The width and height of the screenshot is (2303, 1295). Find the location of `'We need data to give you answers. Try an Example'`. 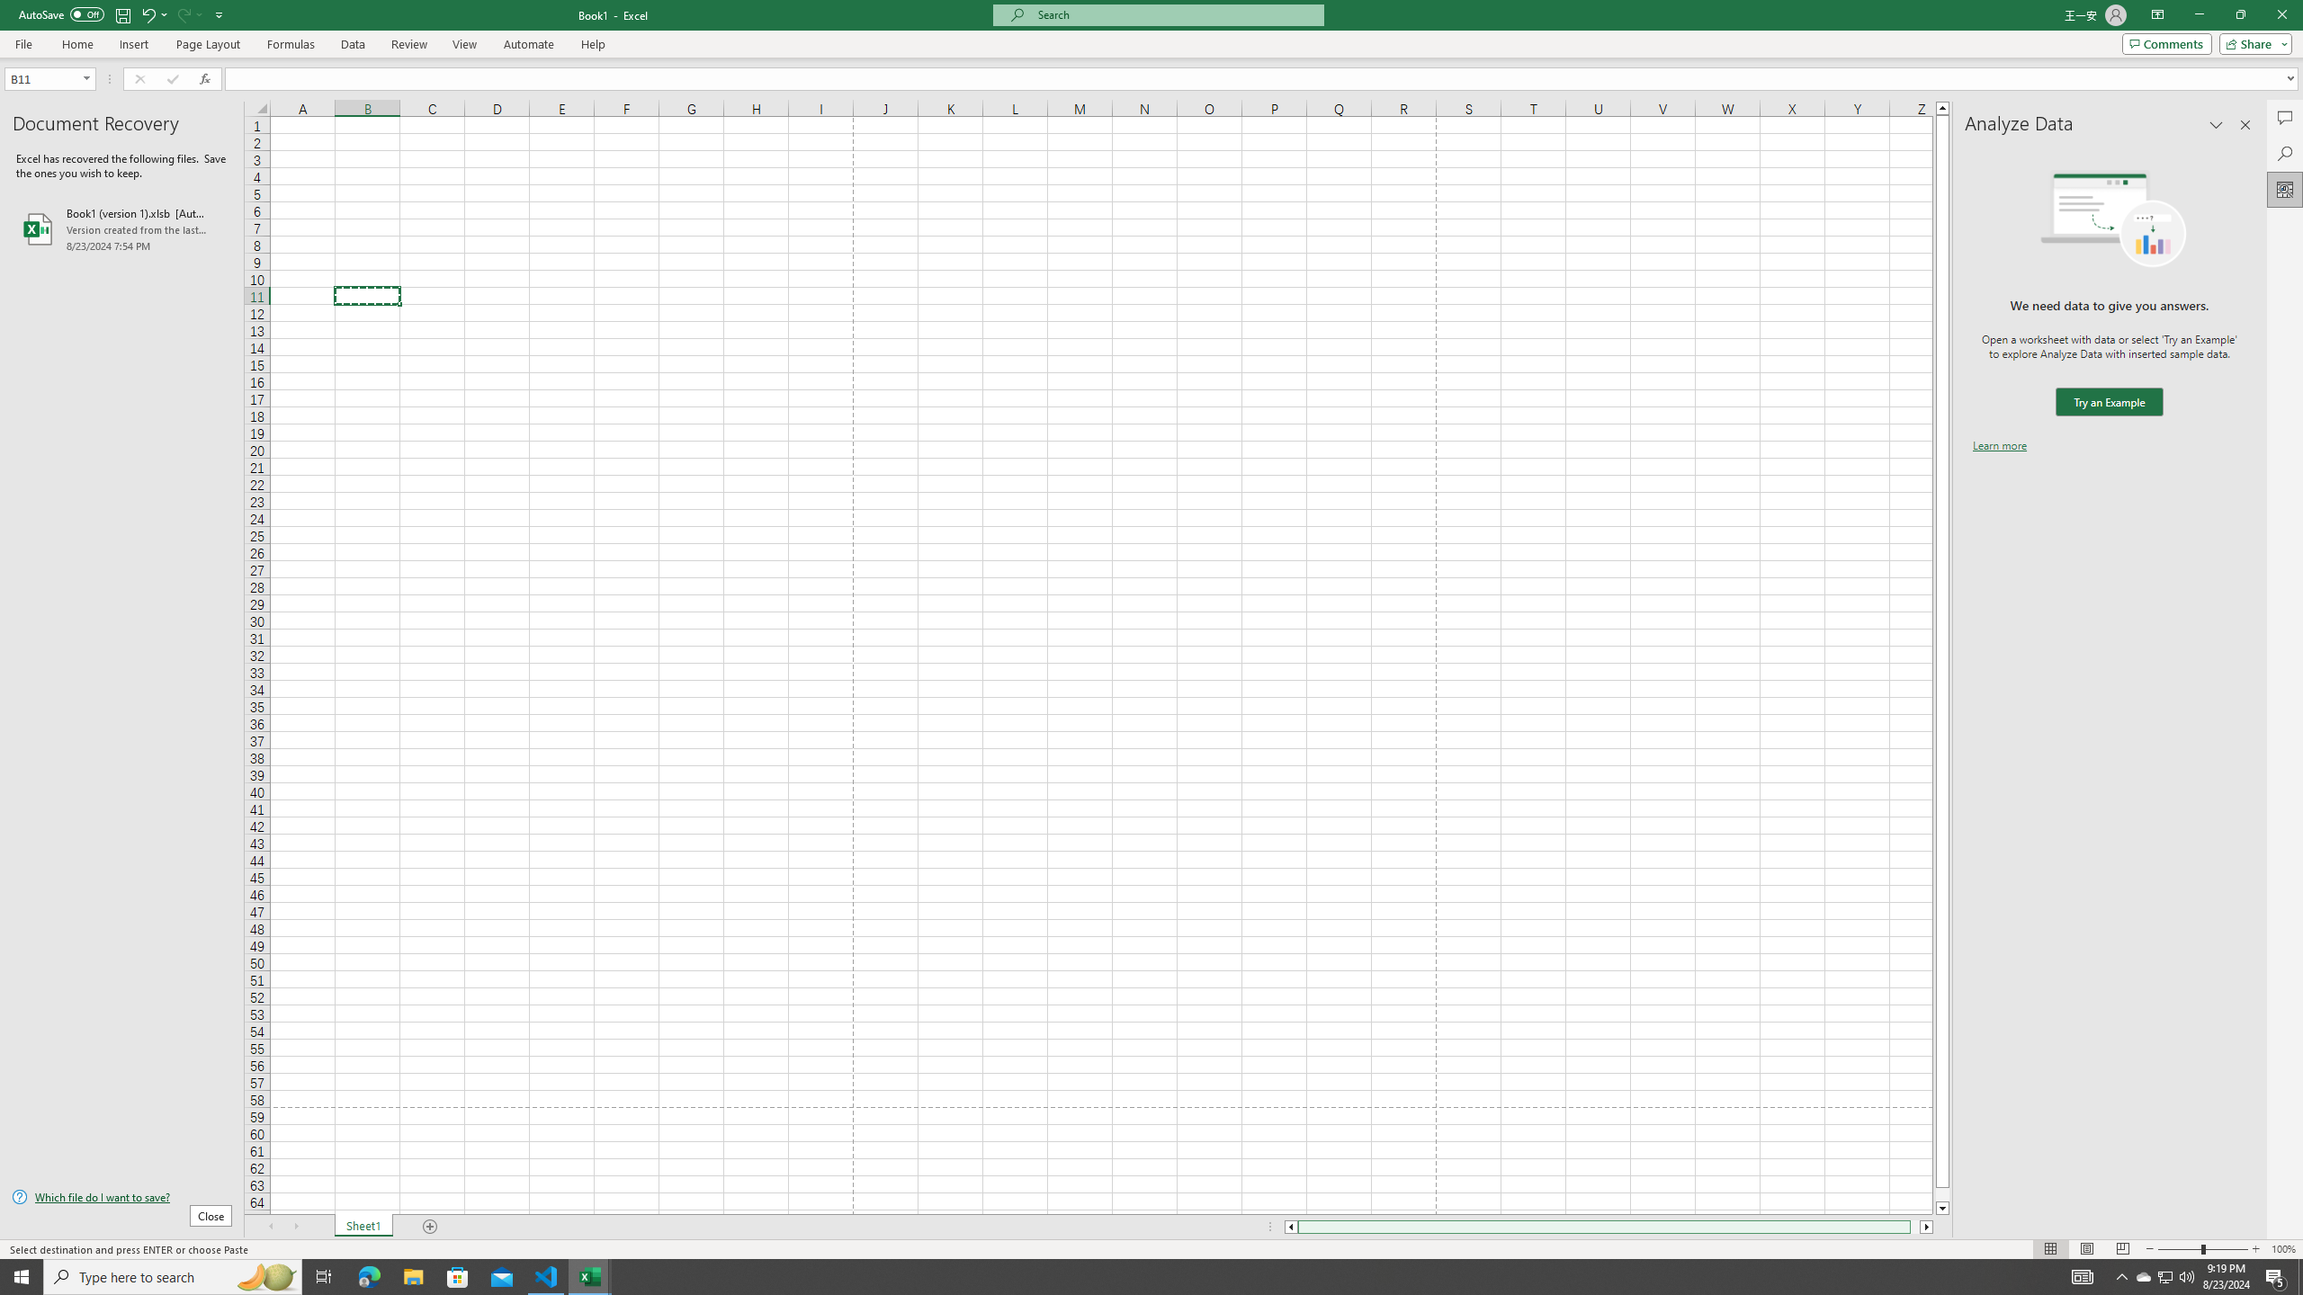

'We need data to give you answers. Try an Example' is located at coordinates (2108, 402).